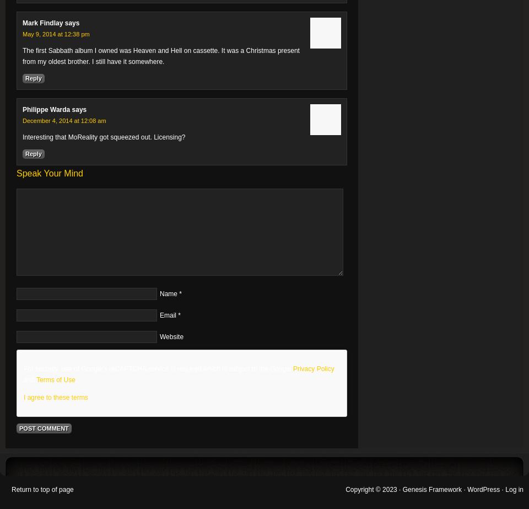  Describe the element at coordinates (158, 368) in the screenshot. I see `'For security, use of Google's reCAPTCHA service is required which is subject to the Google'` at that location.